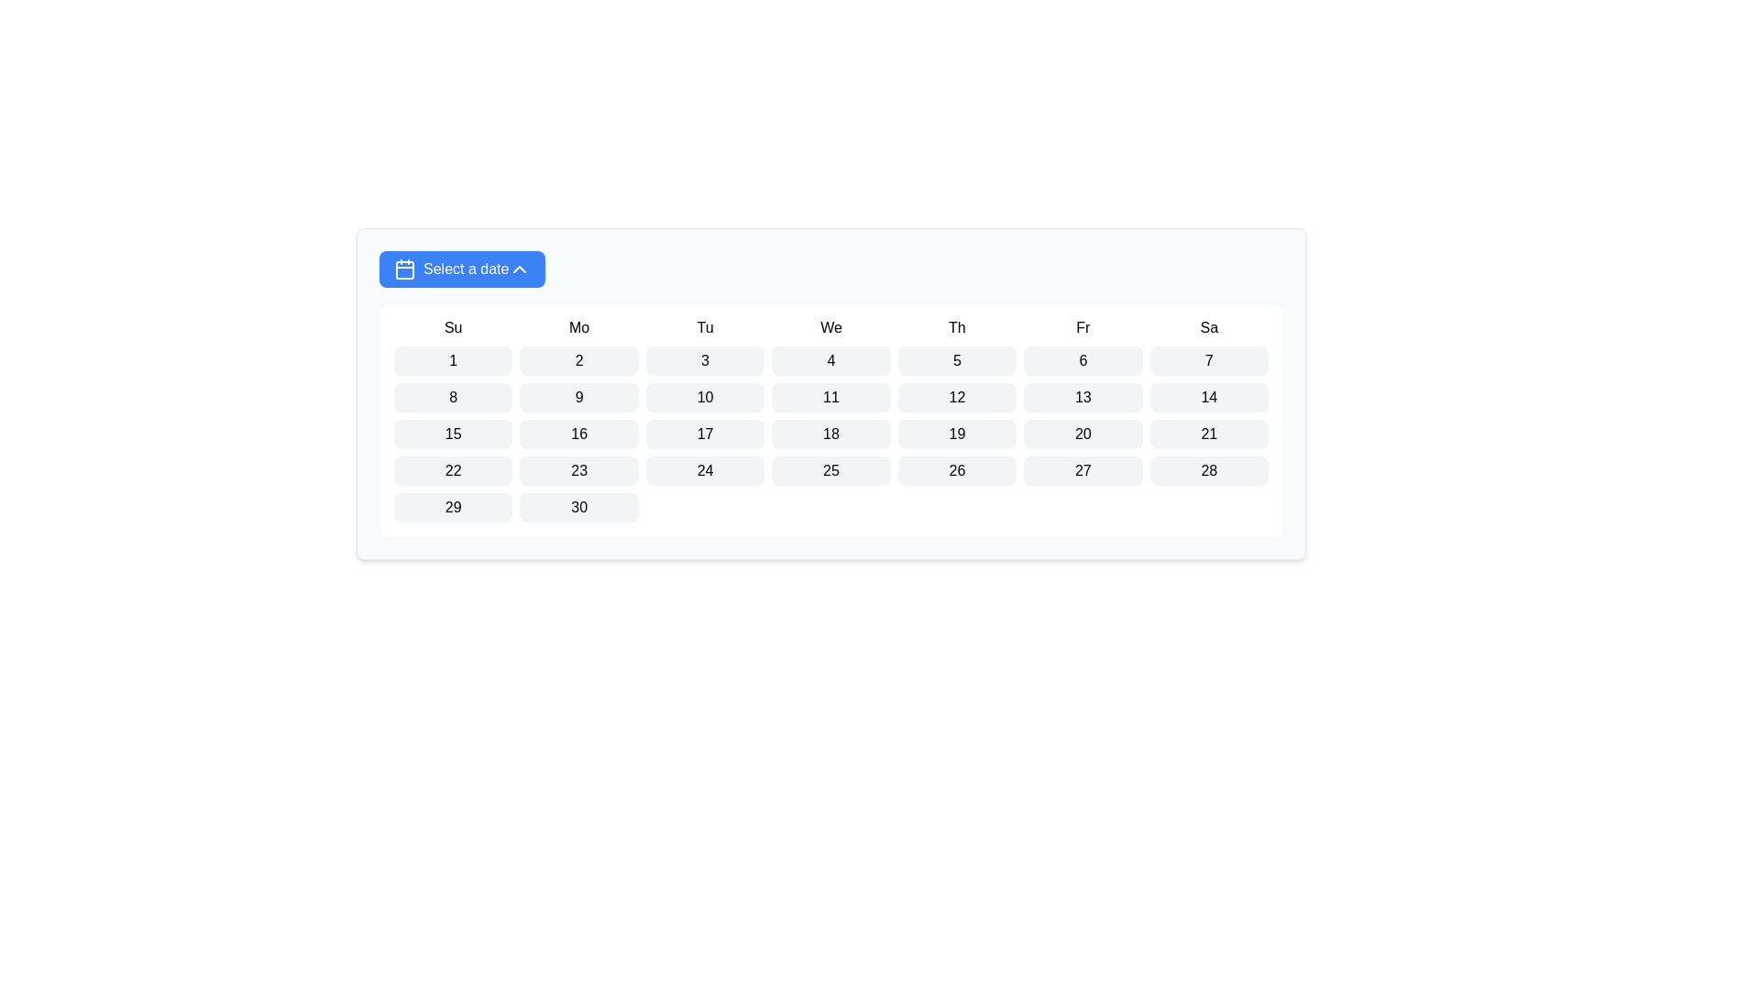 This screenshot has width=1760, height=990. I want to click on the text label identifying 'Saturday' in the weekly calendar view, which is located in the seventh column of the grid layout, so click(1209, 327).